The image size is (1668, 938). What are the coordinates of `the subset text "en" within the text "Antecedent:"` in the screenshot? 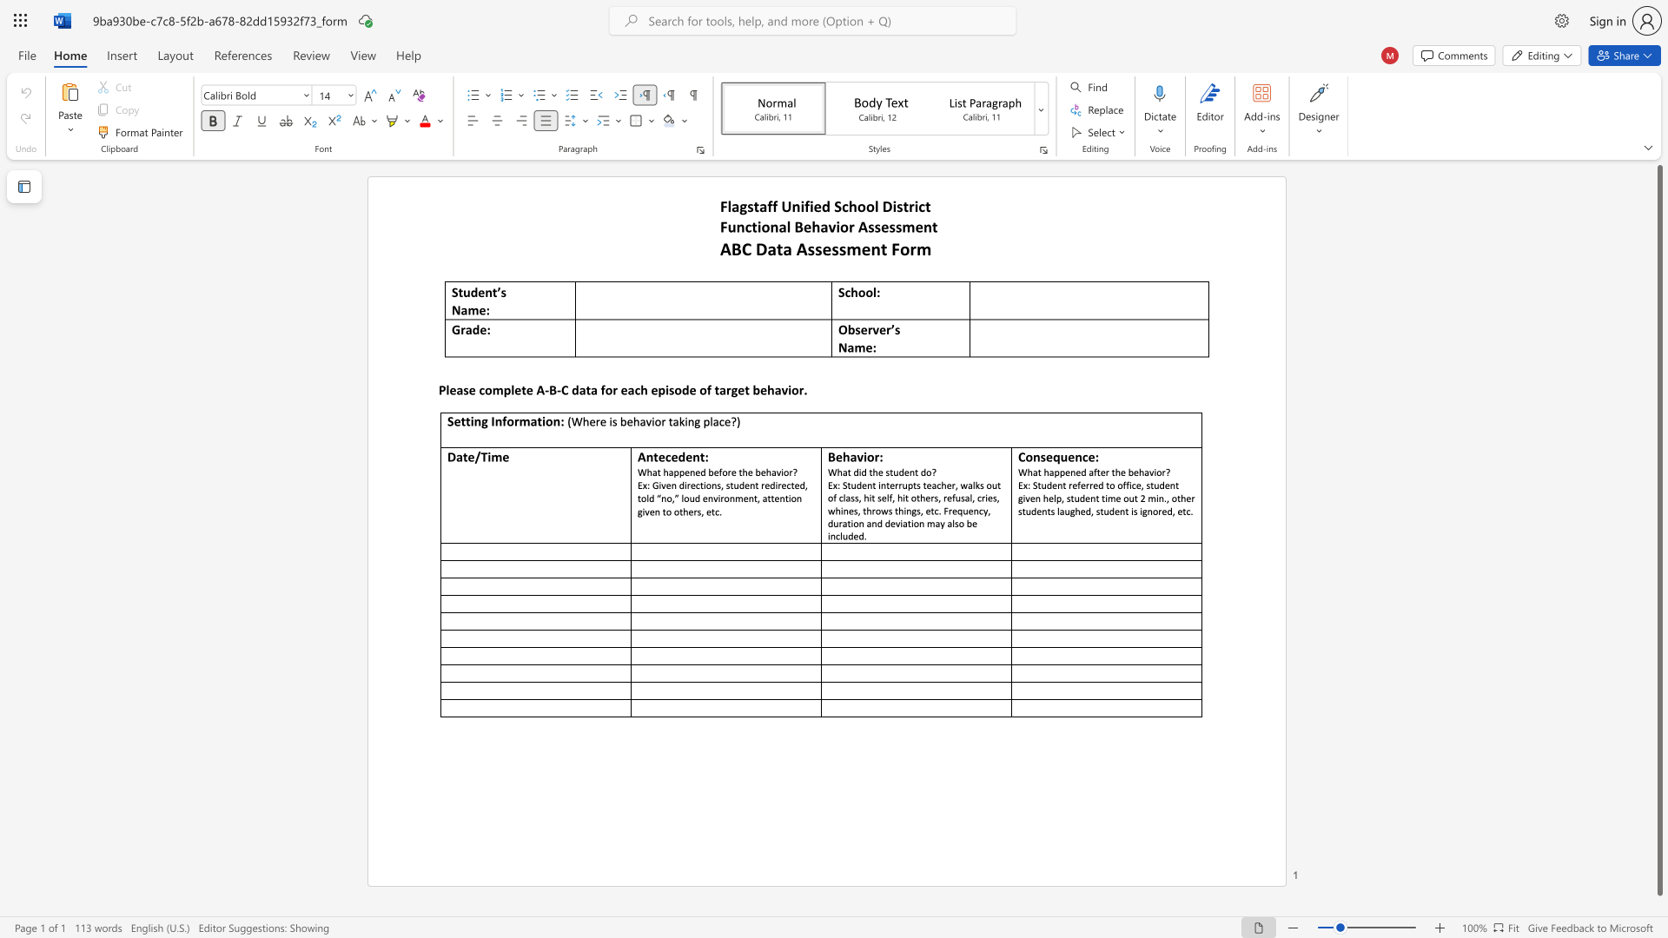 It's located at (685, 456).